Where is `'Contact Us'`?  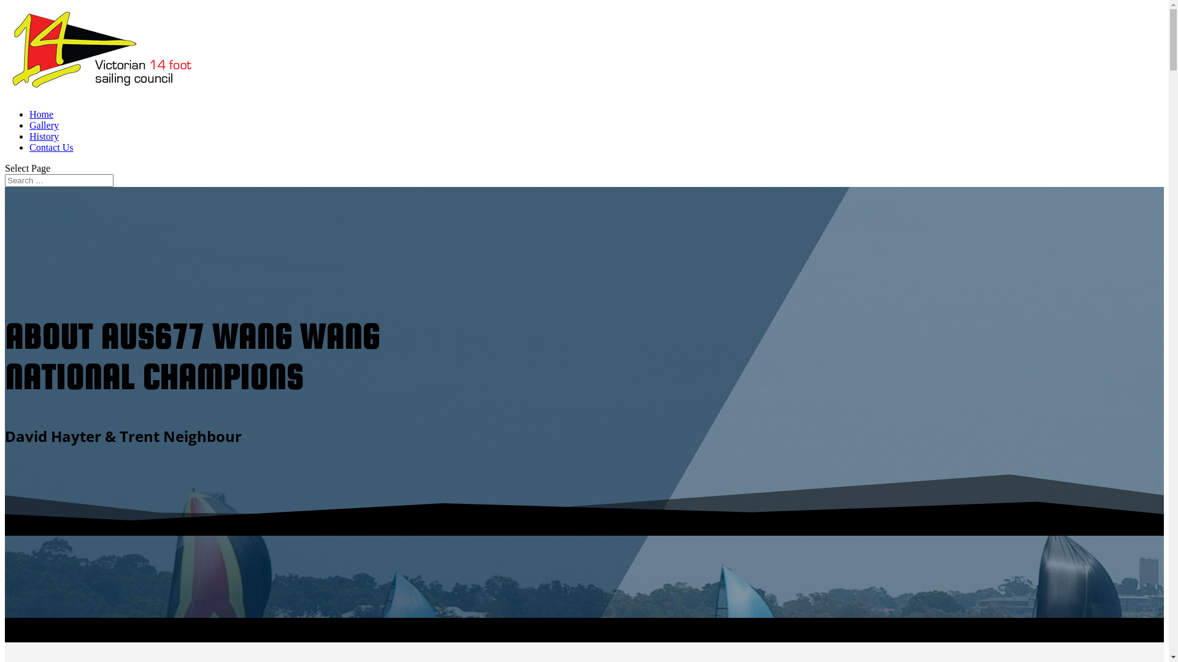
'Contact Us' is located at coordinates (50, 146).